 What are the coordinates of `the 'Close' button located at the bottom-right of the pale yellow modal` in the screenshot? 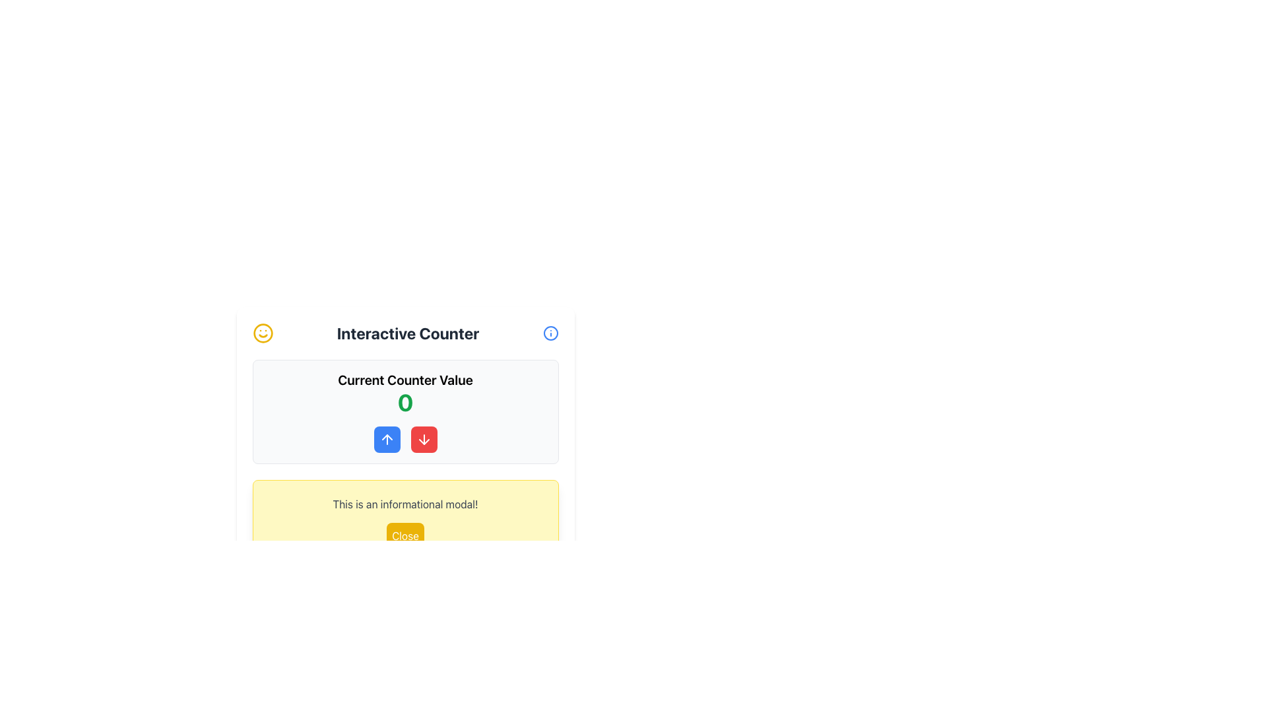 It's located at (405, 536).